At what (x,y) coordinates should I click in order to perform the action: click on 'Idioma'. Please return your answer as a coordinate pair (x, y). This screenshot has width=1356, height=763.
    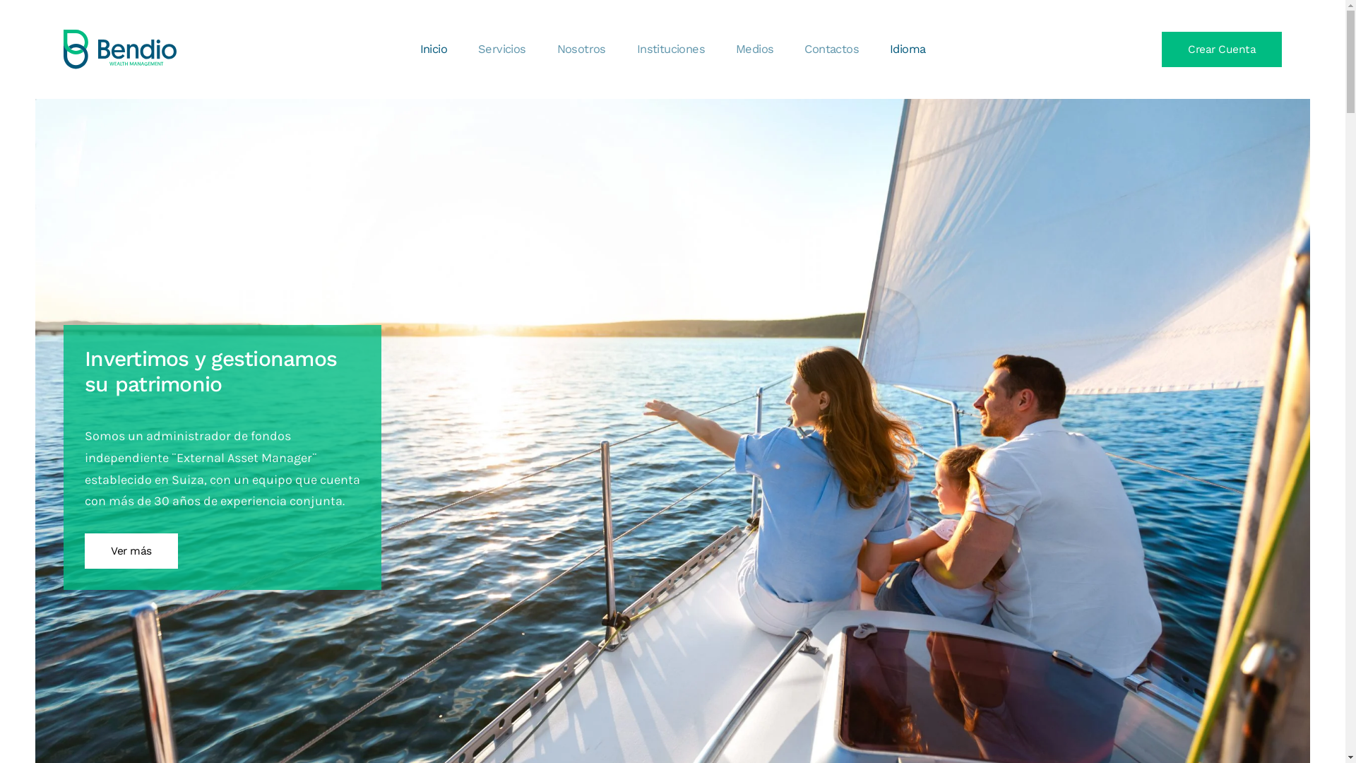
    Looking at the image, I should click on (908, 48).